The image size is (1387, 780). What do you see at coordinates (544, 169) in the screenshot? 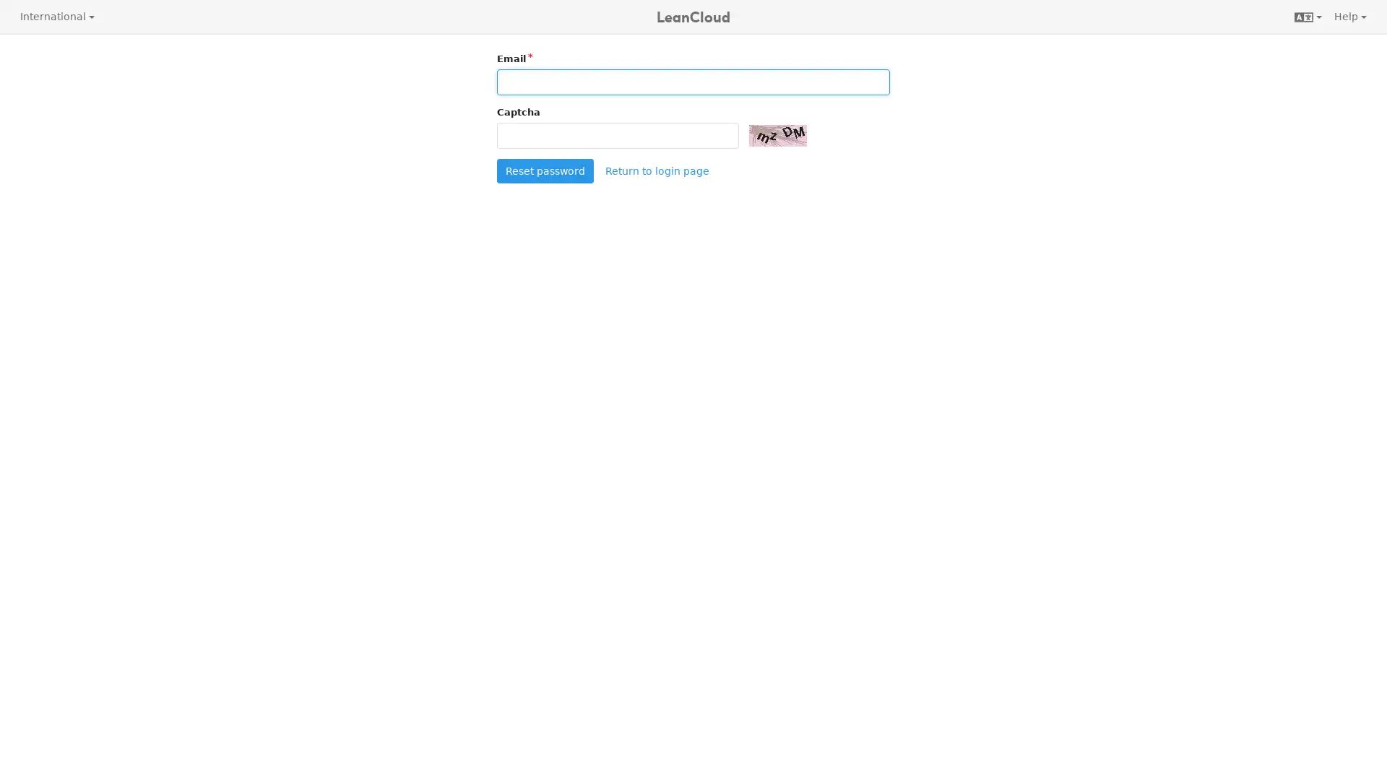
I see `Reset password` at bounding box center [544, 169].